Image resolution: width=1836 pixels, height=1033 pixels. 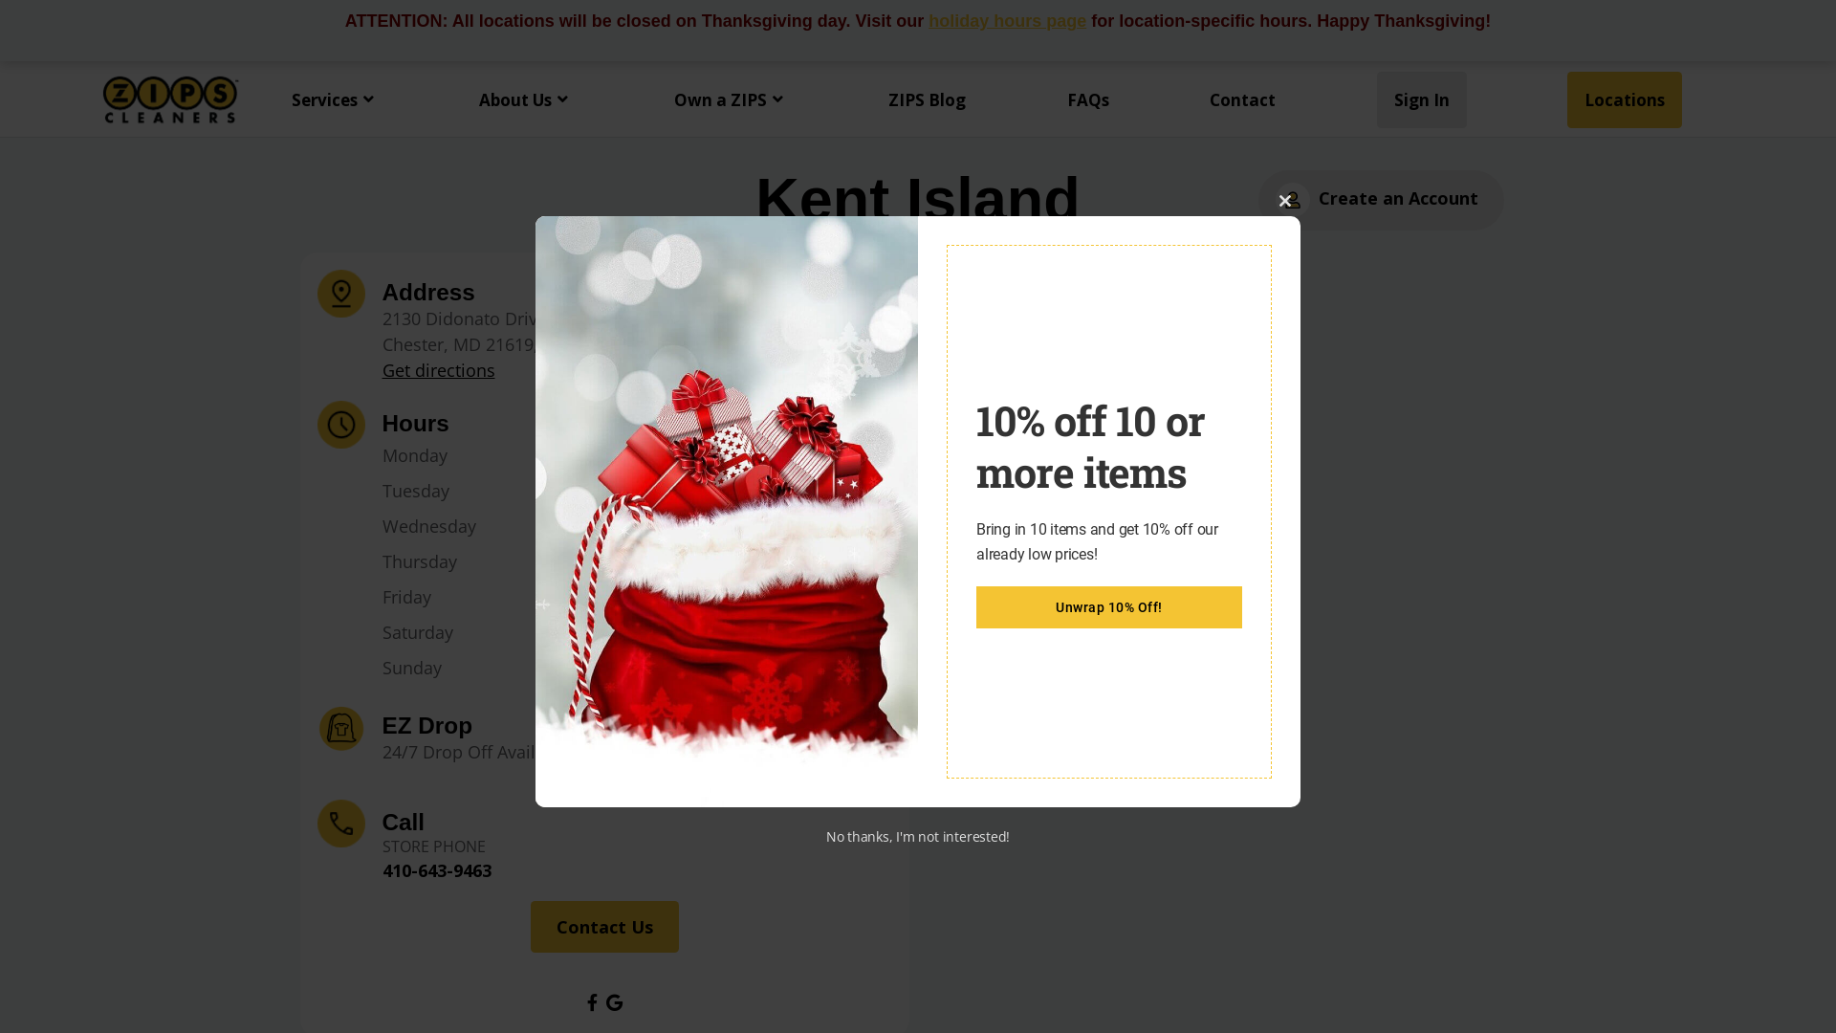 What do you see at coordinates (335, 99) in the screenshot?
I see `'Services'` at bounding box center [335, 99].